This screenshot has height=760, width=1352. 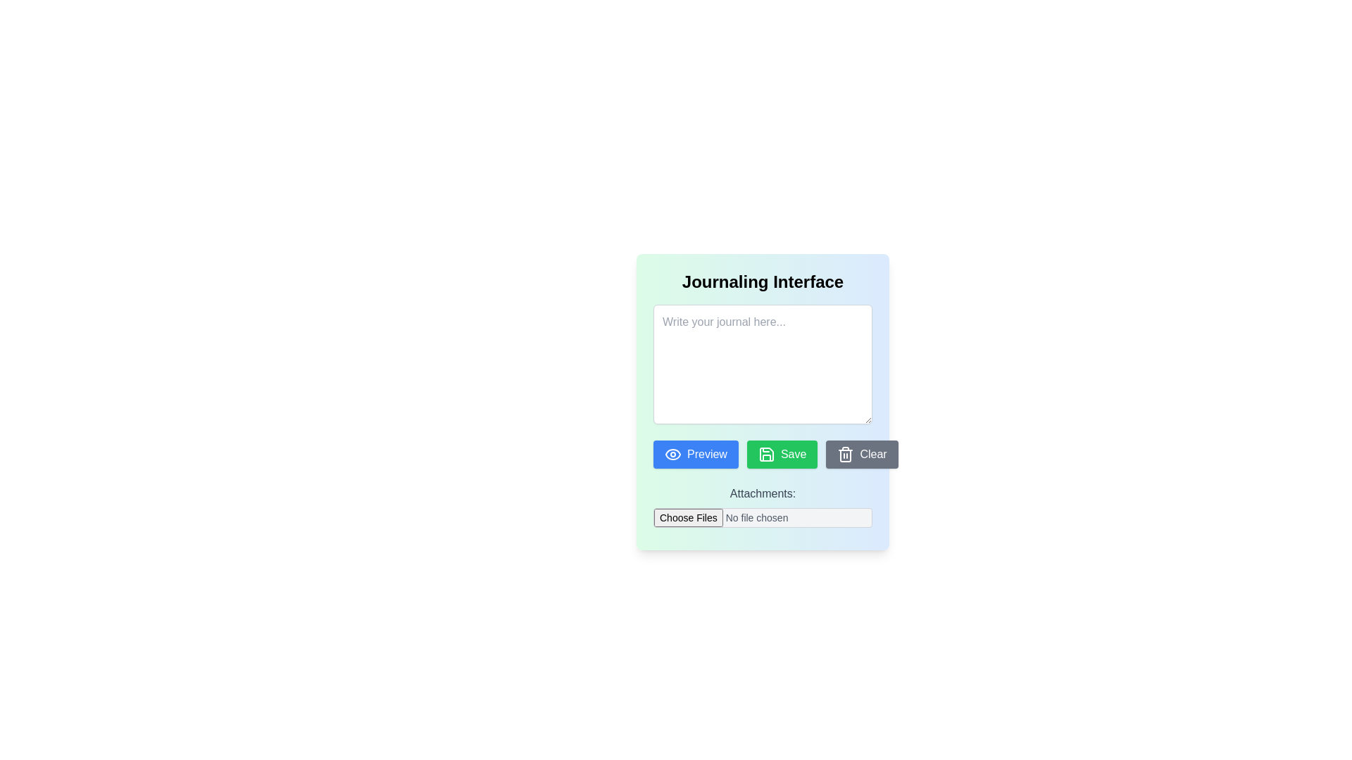 I want to click on the 'Clear' button located on the rightmost position of the three buttons ('Preview', 'Save', and 'Clear') in the journaling interface, so click(x=861, y=454).